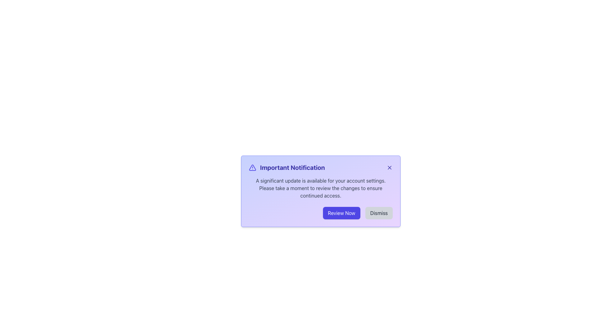 The width and height of the screenshot is (598, 336). Describe the element at coordinates (389, 167) in the screenshot. I see `the button represented by a small cross (X) icon, located at the top-right corner of the notification panel, adjacent to 'Important Notification'` at that location.